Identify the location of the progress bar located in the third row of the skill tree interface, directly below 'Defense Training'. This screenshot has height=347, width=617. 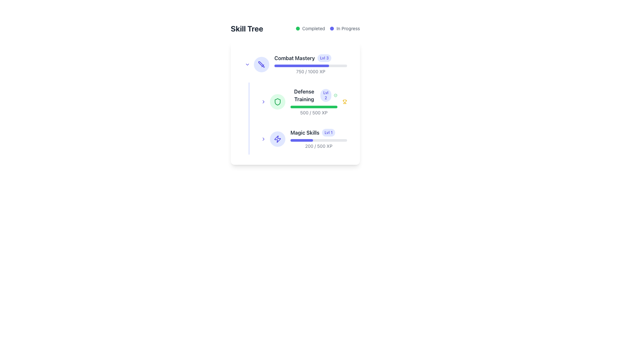
(319, 138).